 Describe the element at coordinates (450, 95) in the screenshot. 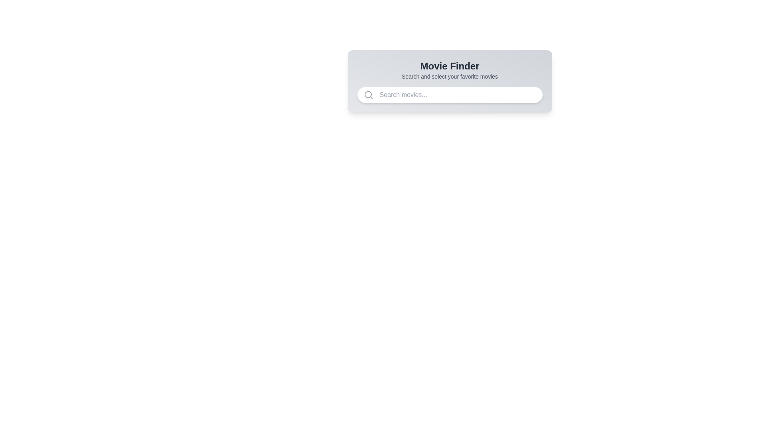

I see `the search input field for movies, which is located below the 'Movie Finder' title and 'Search and select your favorite movies' subtitle, to change its background or cursor appearance` at that location.